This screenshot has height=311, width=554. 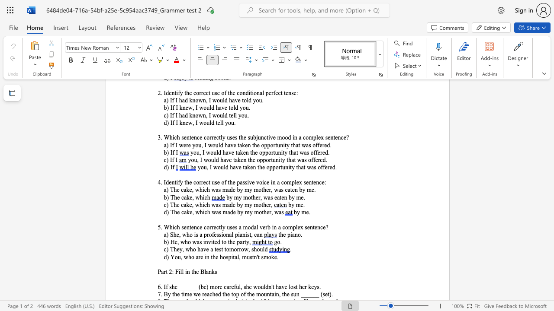 I want to click on the subset text "he cake," within the text "d) The cake, which was made by my mother, was", so click(x=174, y=212).